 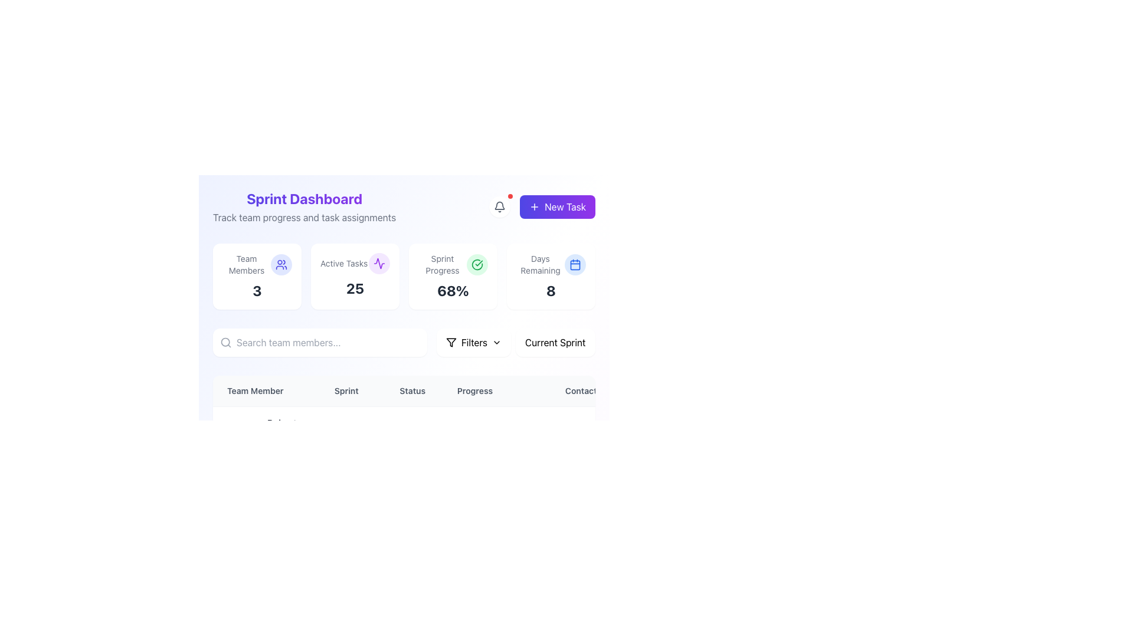 What do you see at coordinates (304, 198) in the screenshot?
I see `text label that displays 'Sprint Dashboard', which is a bold and large gradient colored text positioned at the top-left area of the interface` at bounding box center [304, 198].